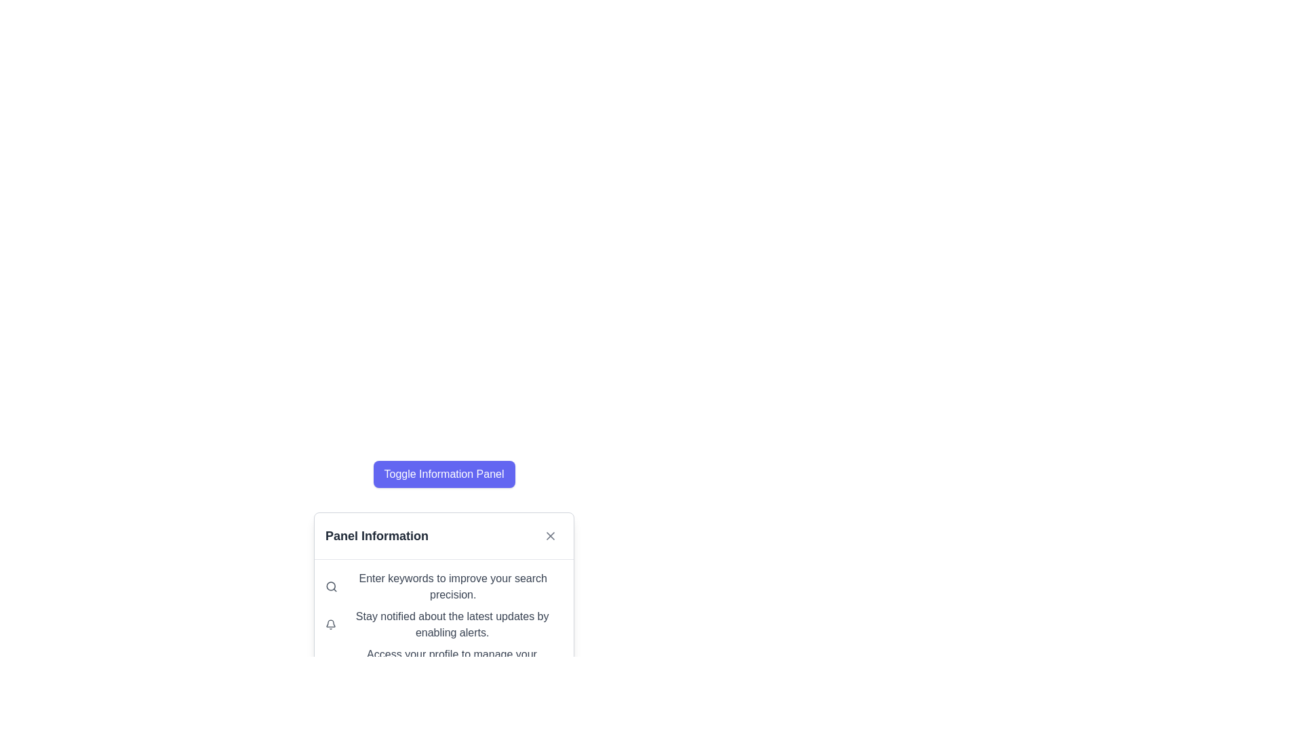  I want to click on the Informational Text Block with Icon that features a bell icon and the text 'Stay notified about the latest updates by enabling alerts.', so click(443, 624).